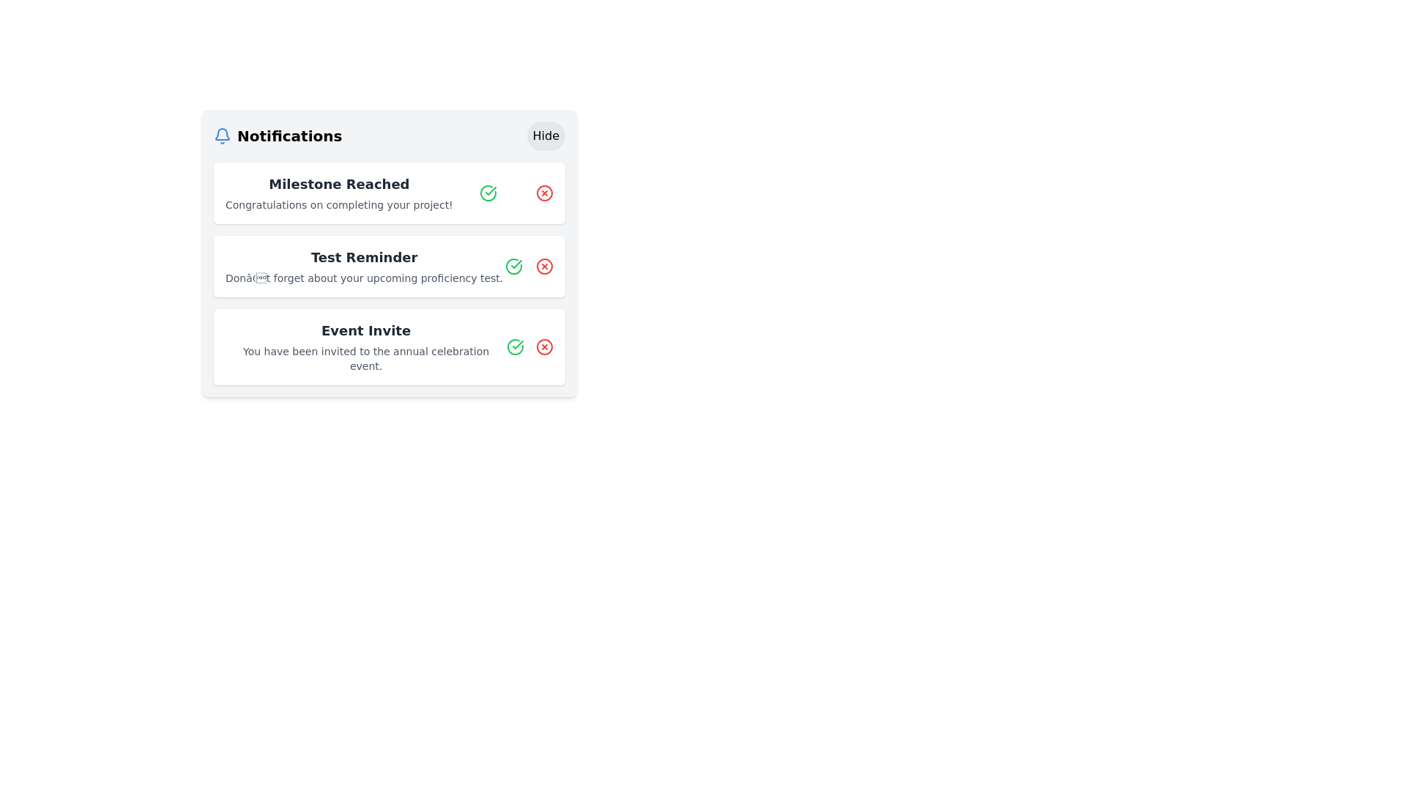  I want to click on the text block in the notification panel that notifies the user about an upcoming proficiency test, positioned centrally as the second notification item, so click(364, 266).